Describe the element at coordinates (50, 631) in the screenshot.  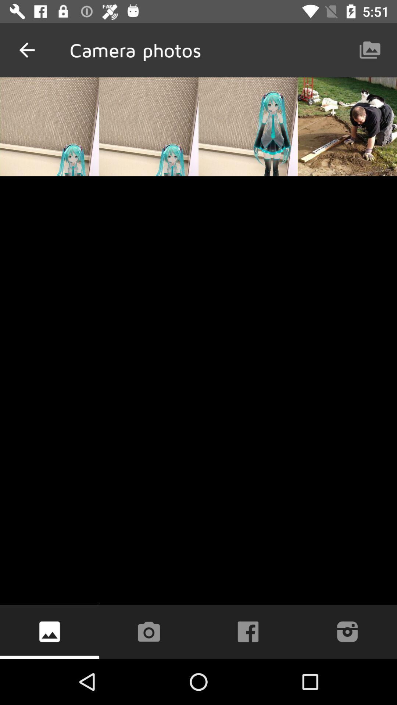
I see `view snapshot` at that location.